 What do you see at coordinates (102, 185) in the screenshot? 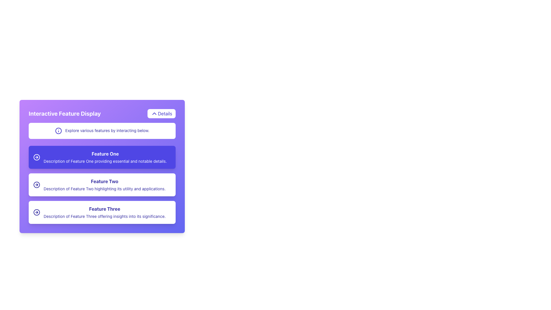
I see `the second informational list item titled 'Feature Two'` at bounding box center [102, 185].